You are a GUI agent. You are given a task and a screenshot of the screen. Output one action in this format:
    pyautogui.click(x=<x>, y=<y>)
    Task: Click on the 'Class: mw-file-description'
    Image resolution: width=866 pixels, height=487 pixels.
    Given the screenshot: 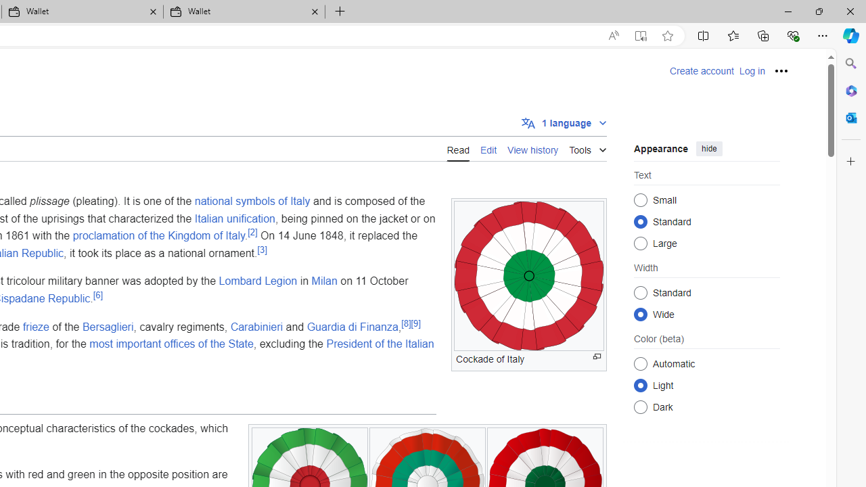 What is the action you would take?
    pyautogui.click(x=528, y=275)
    